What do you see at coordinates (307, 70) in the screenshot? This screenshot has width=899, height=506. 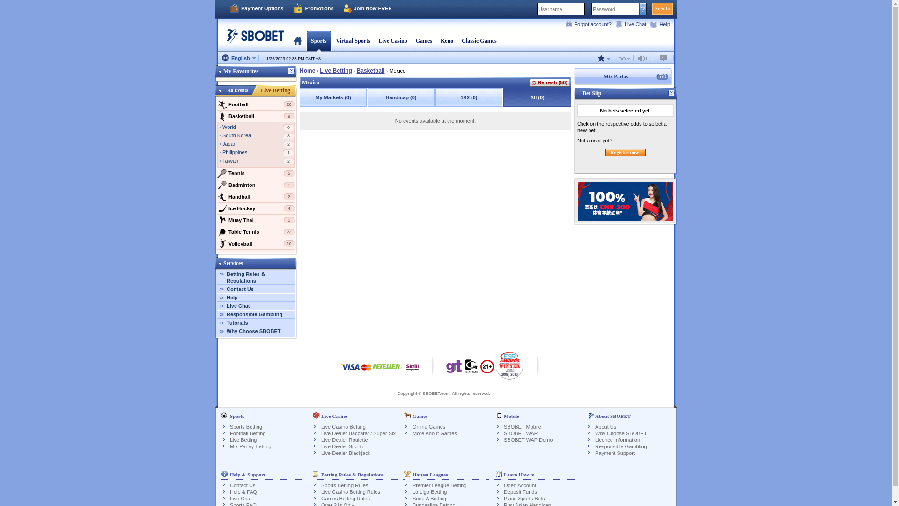 I see `'Home'` at bounding box center [307, 70].